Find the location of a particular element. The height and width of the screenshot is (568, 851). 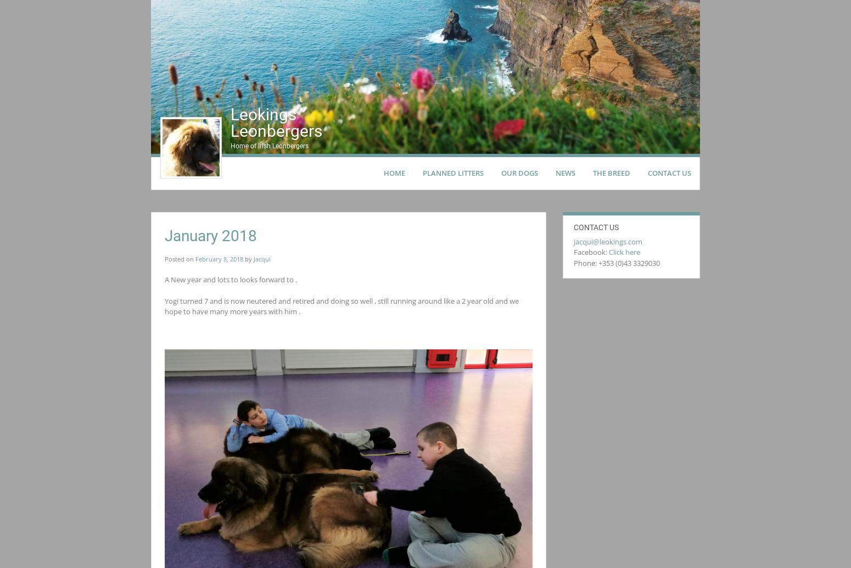

'Jacqui' is located at coordinates (261, 258).